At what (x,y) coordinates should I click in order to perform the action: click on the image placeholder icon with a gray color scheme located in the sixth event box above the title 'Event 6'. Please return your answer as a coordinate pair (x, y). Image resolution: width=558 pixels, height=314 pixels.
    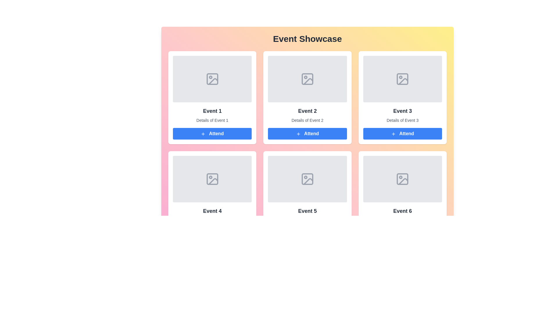
    Looking at the image, I should click on (402, 179).